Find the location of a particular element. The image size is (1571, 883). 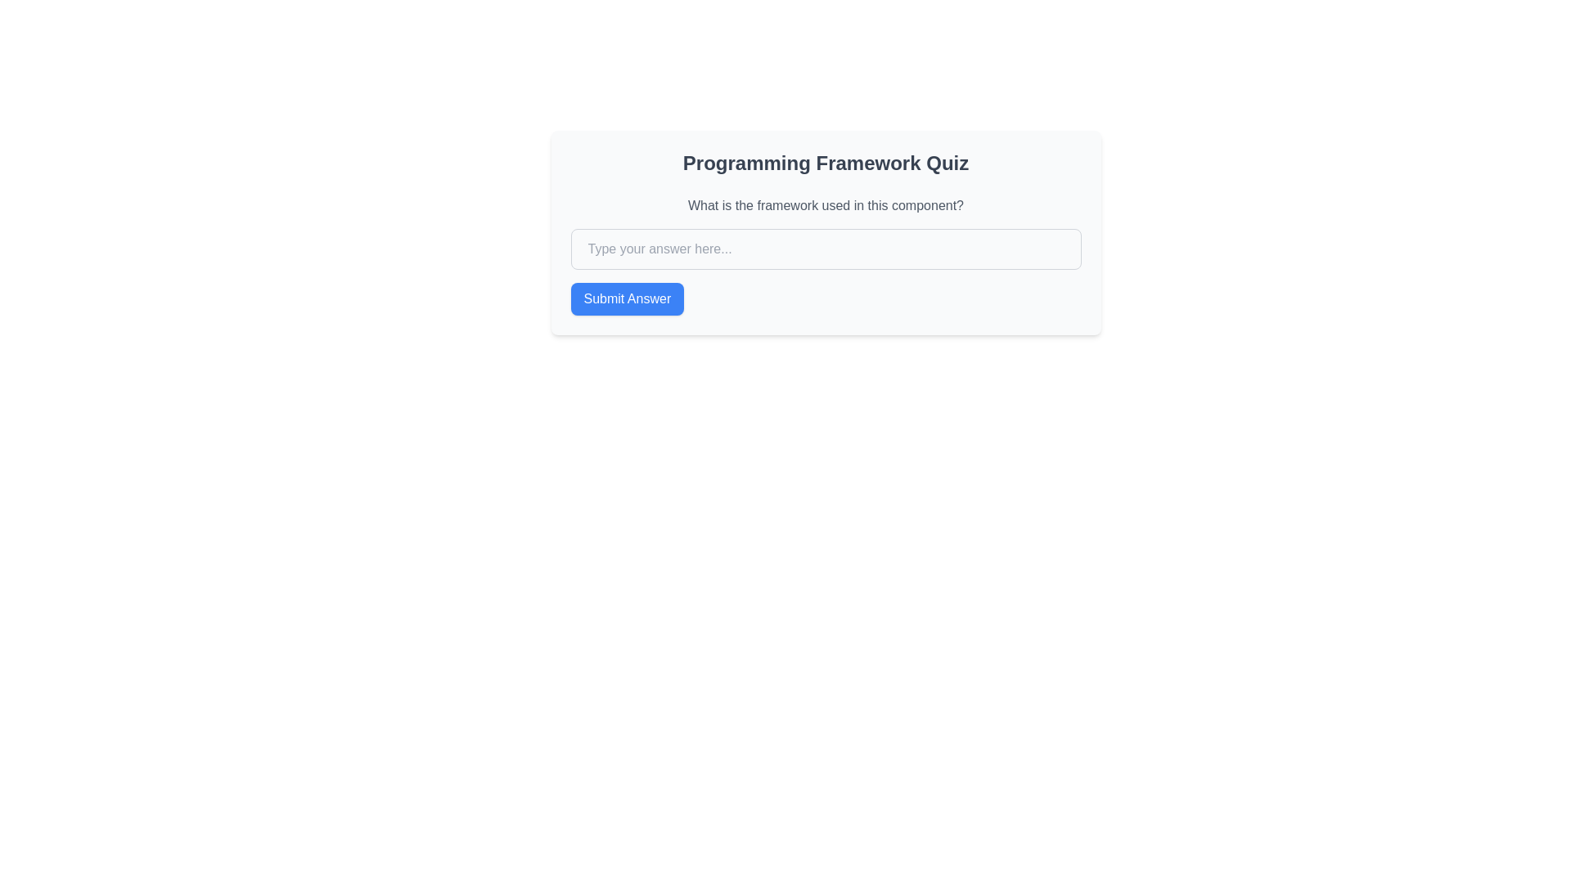

the text label that prompts the user about the framework used, located below the title 'Programming Framework Quiz' and above the input field is located at coordinates (826, 204).